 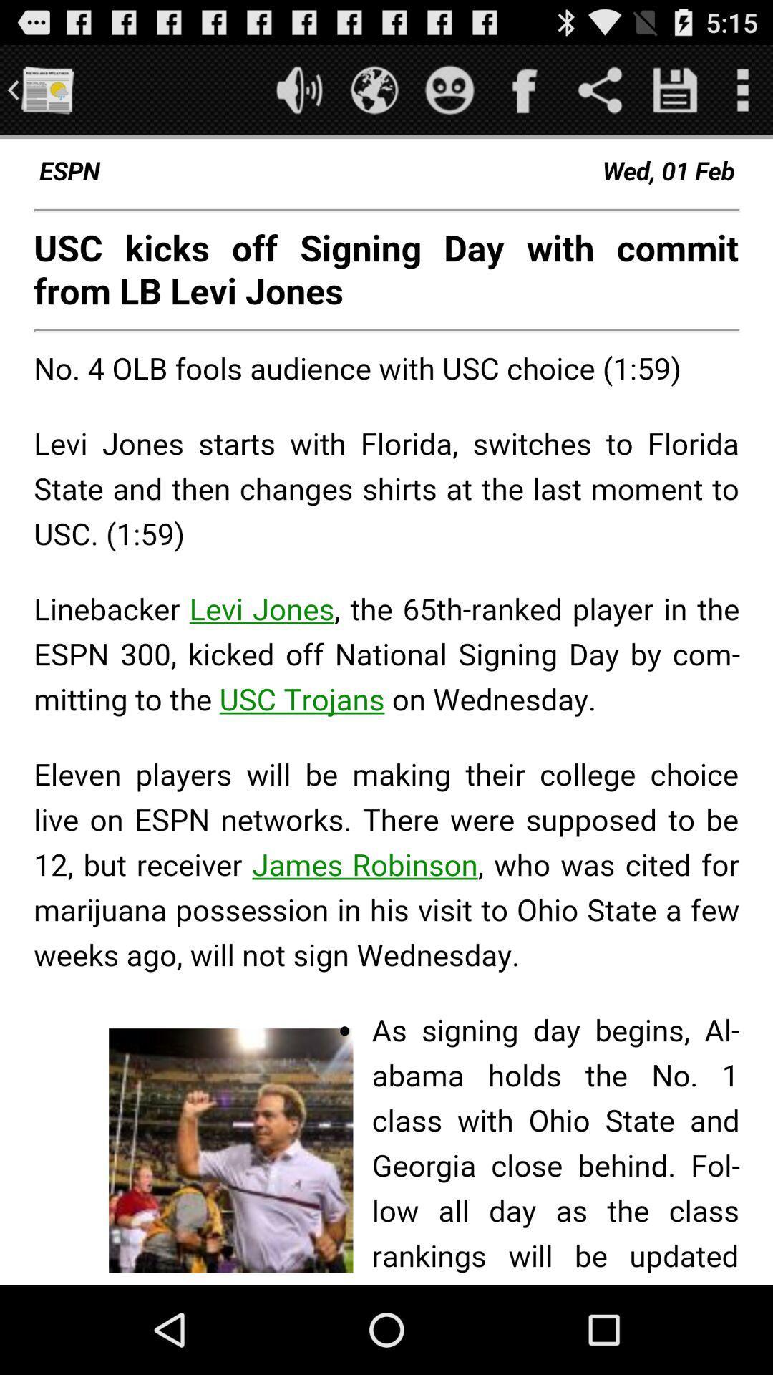 What do you see at coordinates (600, 95) in the screenshot?
I see `the share icon` at bounding box center [600, 95].